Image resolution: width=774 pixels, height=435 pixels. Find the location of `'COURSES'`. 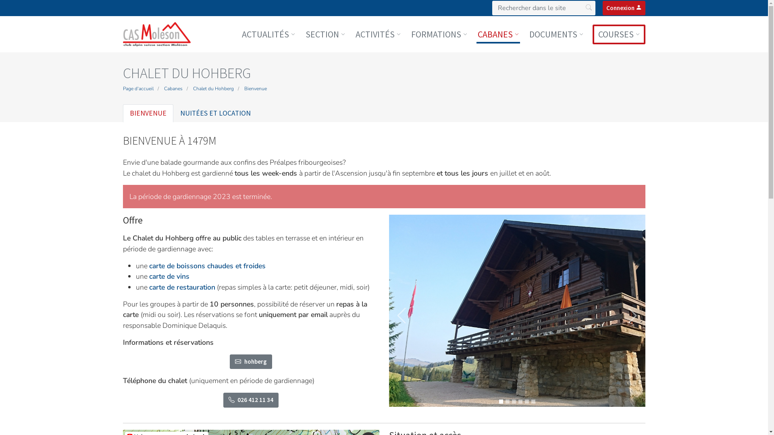

'COURSES' is located at coordinates (618, 33).